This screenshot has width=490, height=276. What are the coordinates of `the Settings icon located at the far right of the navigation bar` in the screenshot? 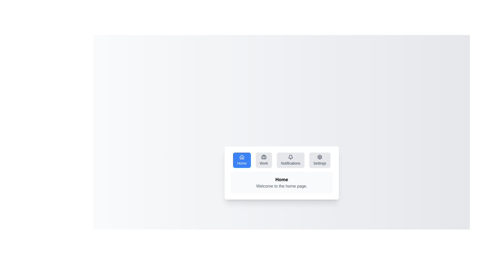 It's located at (320, 157).